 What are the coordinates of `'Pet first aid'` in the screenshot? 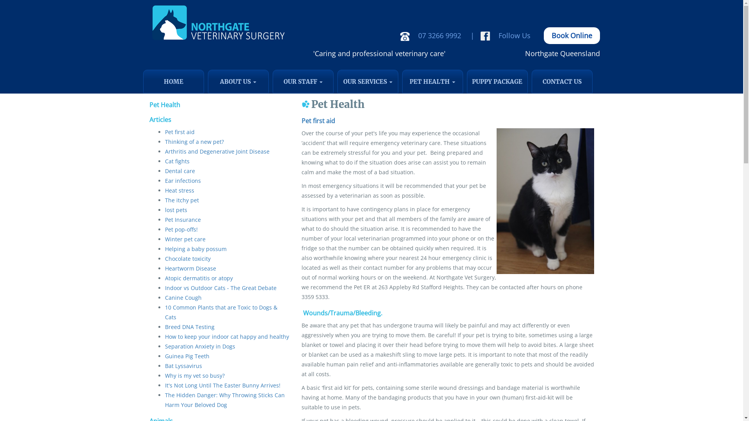 It's located at (179, 131).